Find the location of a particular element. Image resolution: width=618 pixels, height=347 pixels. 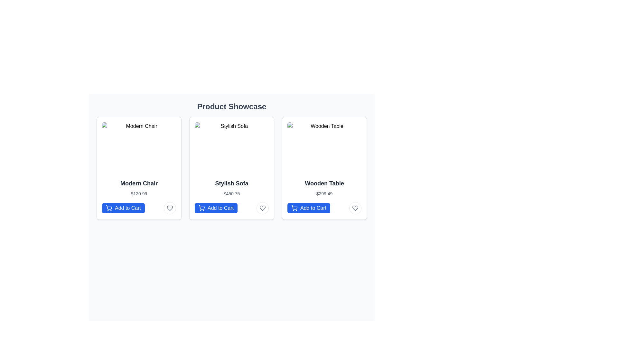

the 'Add to Cart' button for the Wooden Table product located in the third column of the product showcase grid is located at coordinates (308, 208).